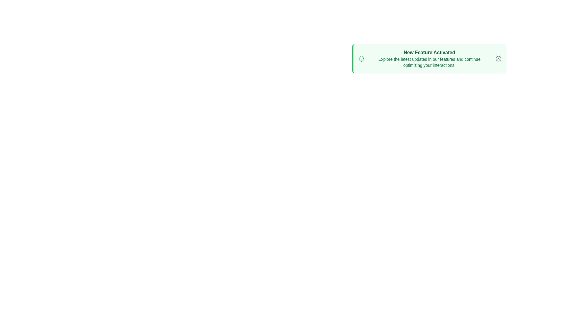  What do you see at coordinates (498, 59) in the screenshot?
I see `the inner circular graphical component of the close button located at the top-right corner of the notification panel` at bounding box center [498, 59].